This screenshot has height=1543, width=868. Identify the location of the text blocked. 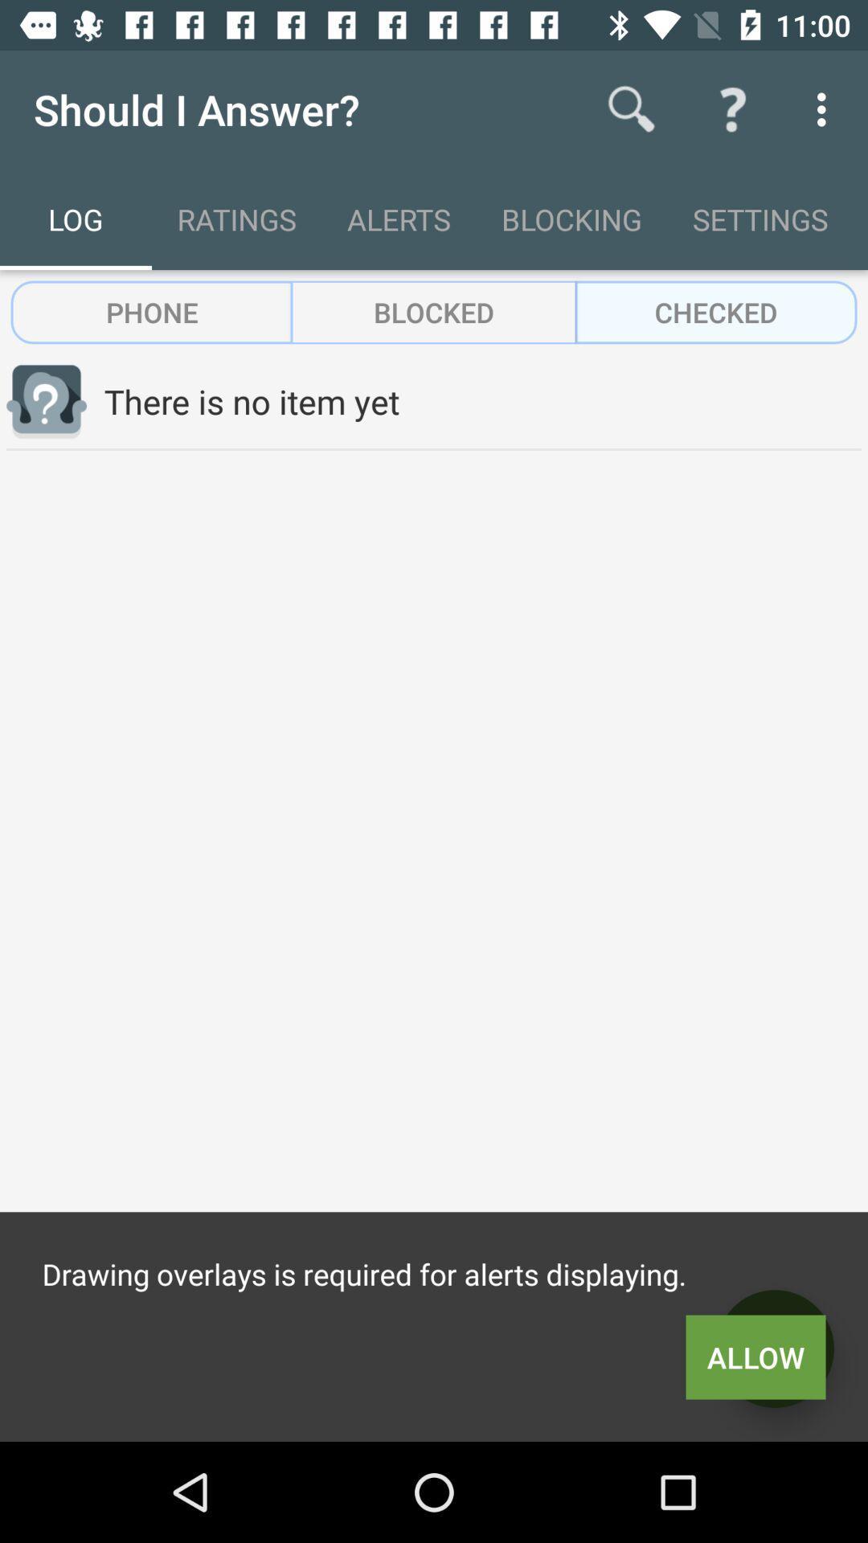
(434, 312).